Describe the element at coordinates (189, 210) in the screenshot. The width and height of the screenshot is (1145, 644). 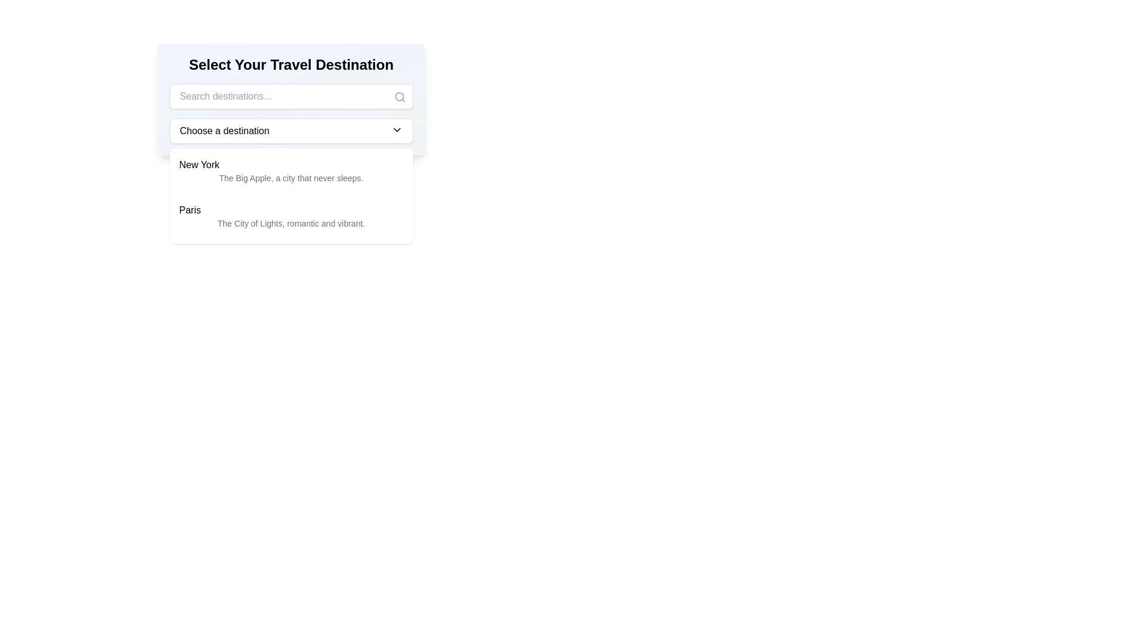
I see `the text label displaying 'Paris', which is the first line of the second item in a vertical list of travel destinations, located directly below 'New York'` at that location.